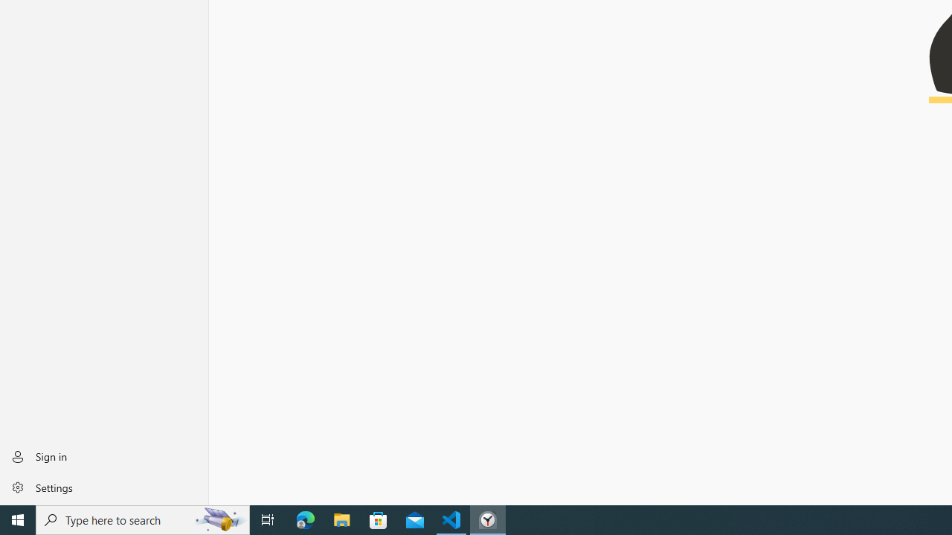 This screenshot has height=535, width=952. Describe the element at coordinates (305, 519) in the screenshot. I see `'Microsoft Edge'` at that location.